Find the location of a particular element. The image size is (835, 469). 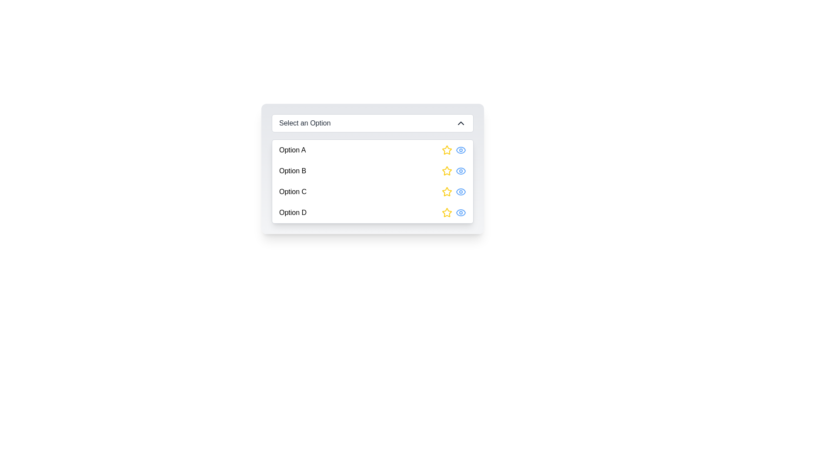

the text label displaying 'Option B', which is the central text of the second list item in the vertical menu list, positioned between 'Option A' and 'Option C' is located at coordinates (293, 171).